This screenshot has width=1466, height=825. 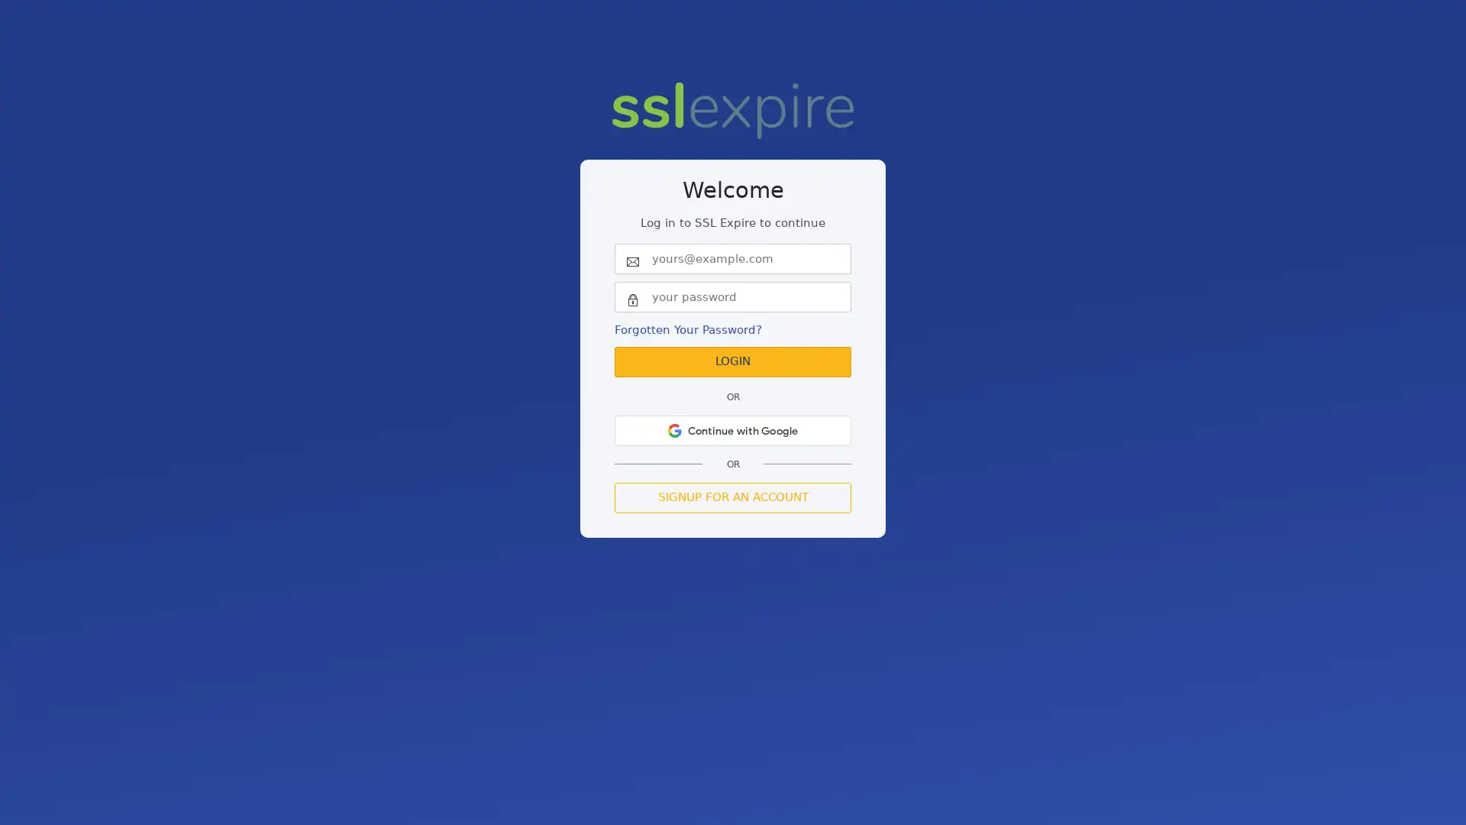 I want to click on Login, so click(x=733, y=361).